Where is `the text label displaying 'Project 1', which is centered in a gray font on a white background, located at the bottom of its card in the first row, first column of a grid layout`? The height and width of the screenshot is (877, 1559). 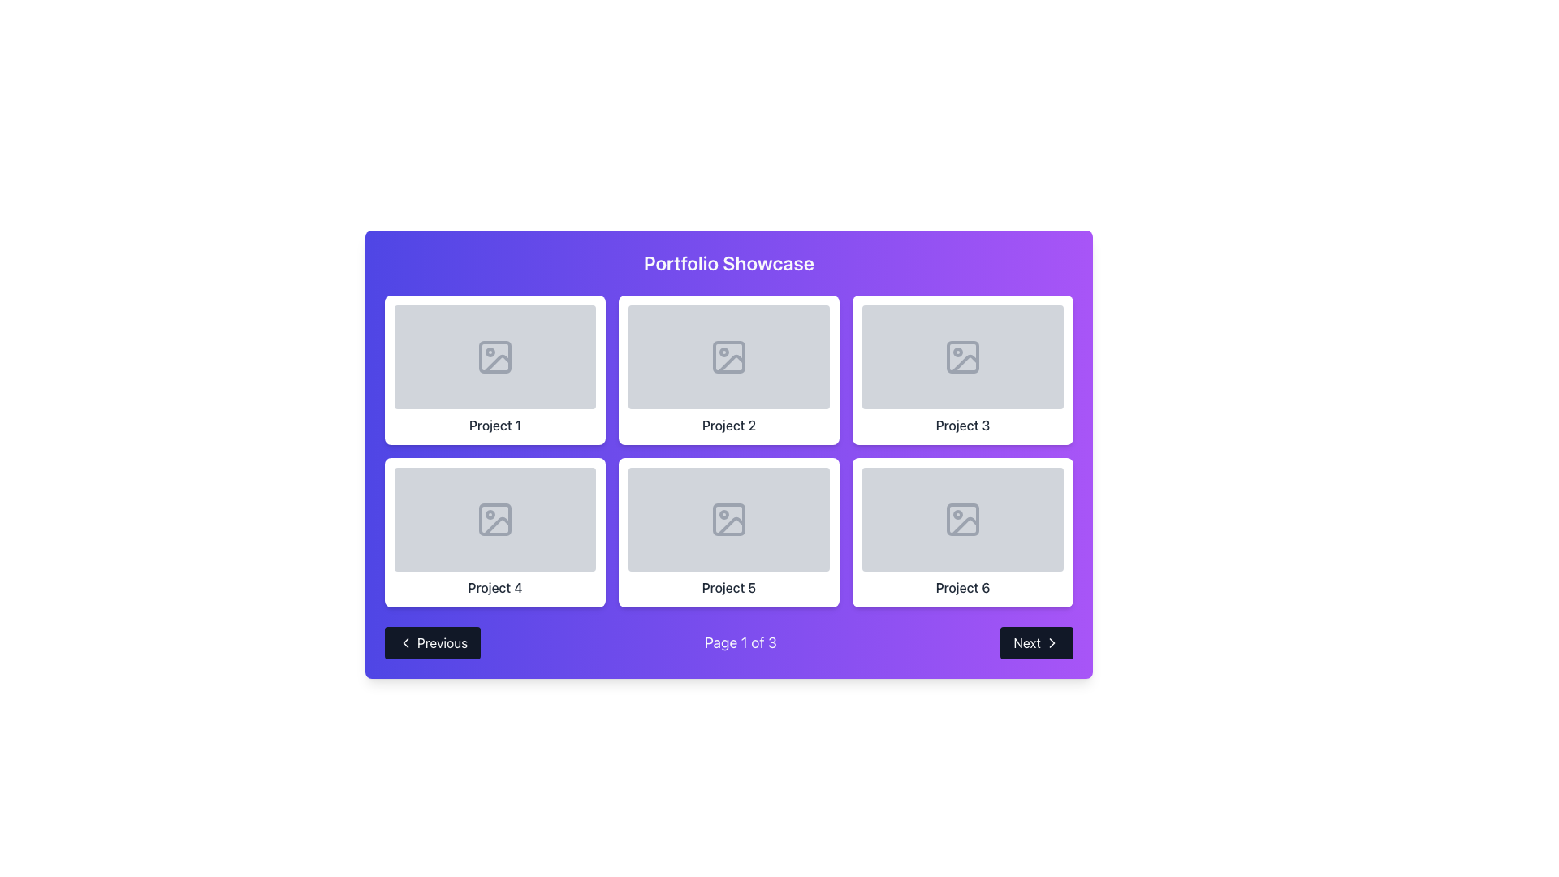 the text label displaying 'Project 1', which is centered in a gray font on a white background, located at the bottom of its card in the first row, first column of a grid layout is located at coordinates (494, 425).